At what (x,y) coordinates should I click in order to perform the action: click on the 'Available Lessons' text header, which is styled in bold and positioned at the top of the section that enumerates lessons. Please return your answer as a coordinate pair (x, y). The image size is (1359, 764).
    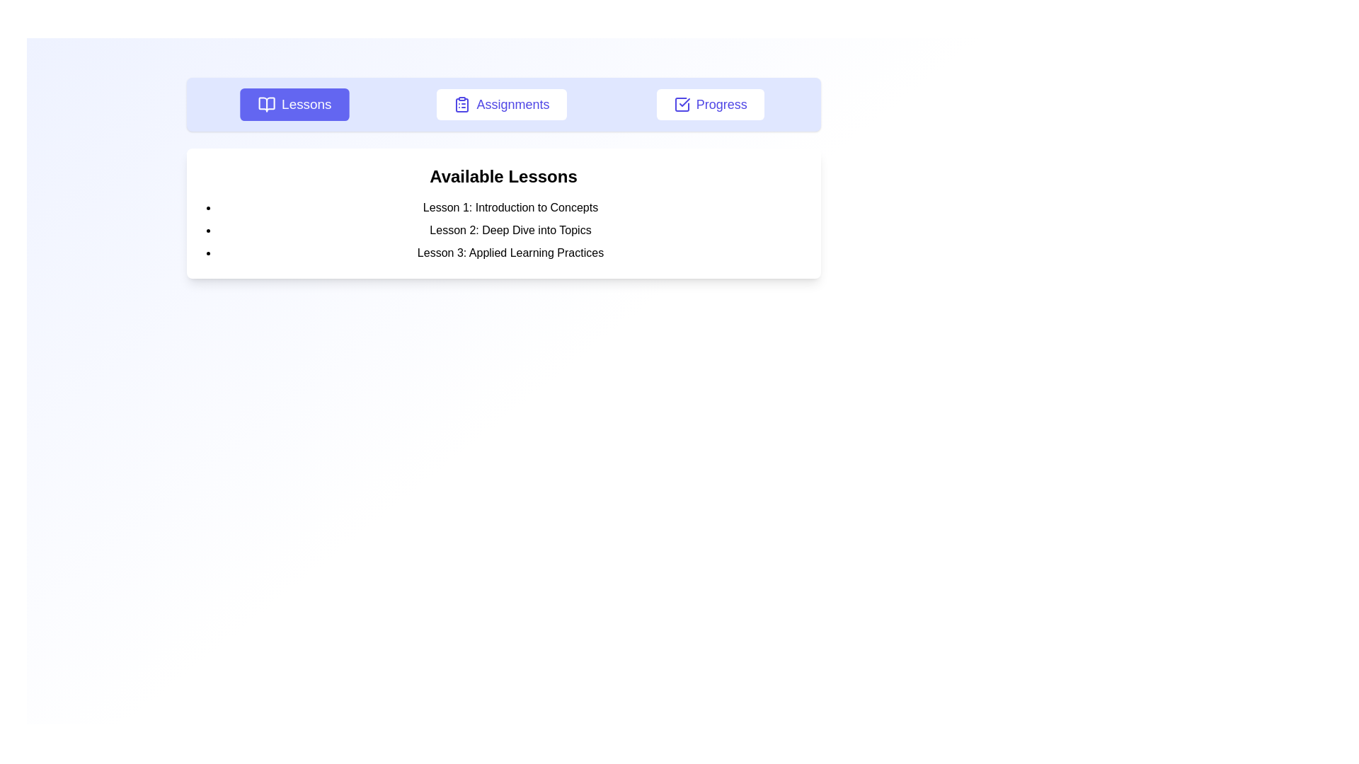
    Looking at the image, I should click on (503, 176).